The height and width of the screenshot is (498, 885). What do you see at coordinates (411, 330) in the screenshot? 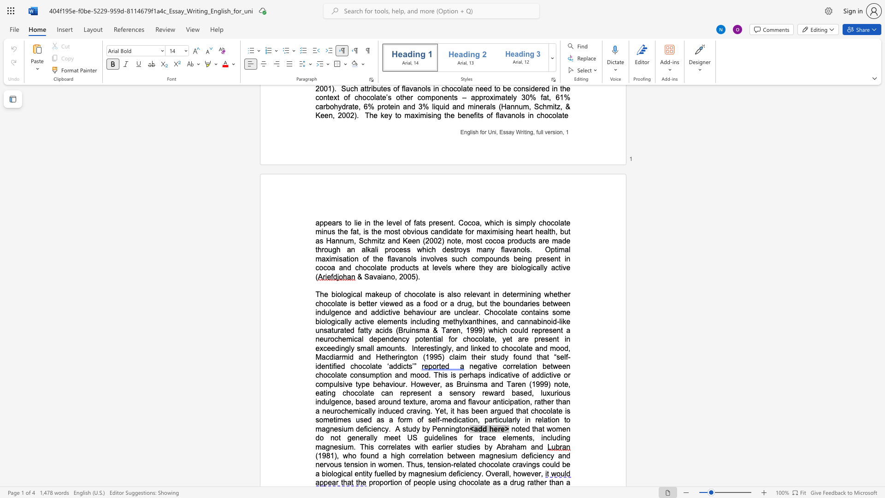
I see `the subset text "nsma & Taren" within the text "some biologically active elements including methylxanthines, and cannabinoid-like unsaturated fatty acids (Bruinsma & Taren, 1999) which could"` at bounding box center [411, 330].